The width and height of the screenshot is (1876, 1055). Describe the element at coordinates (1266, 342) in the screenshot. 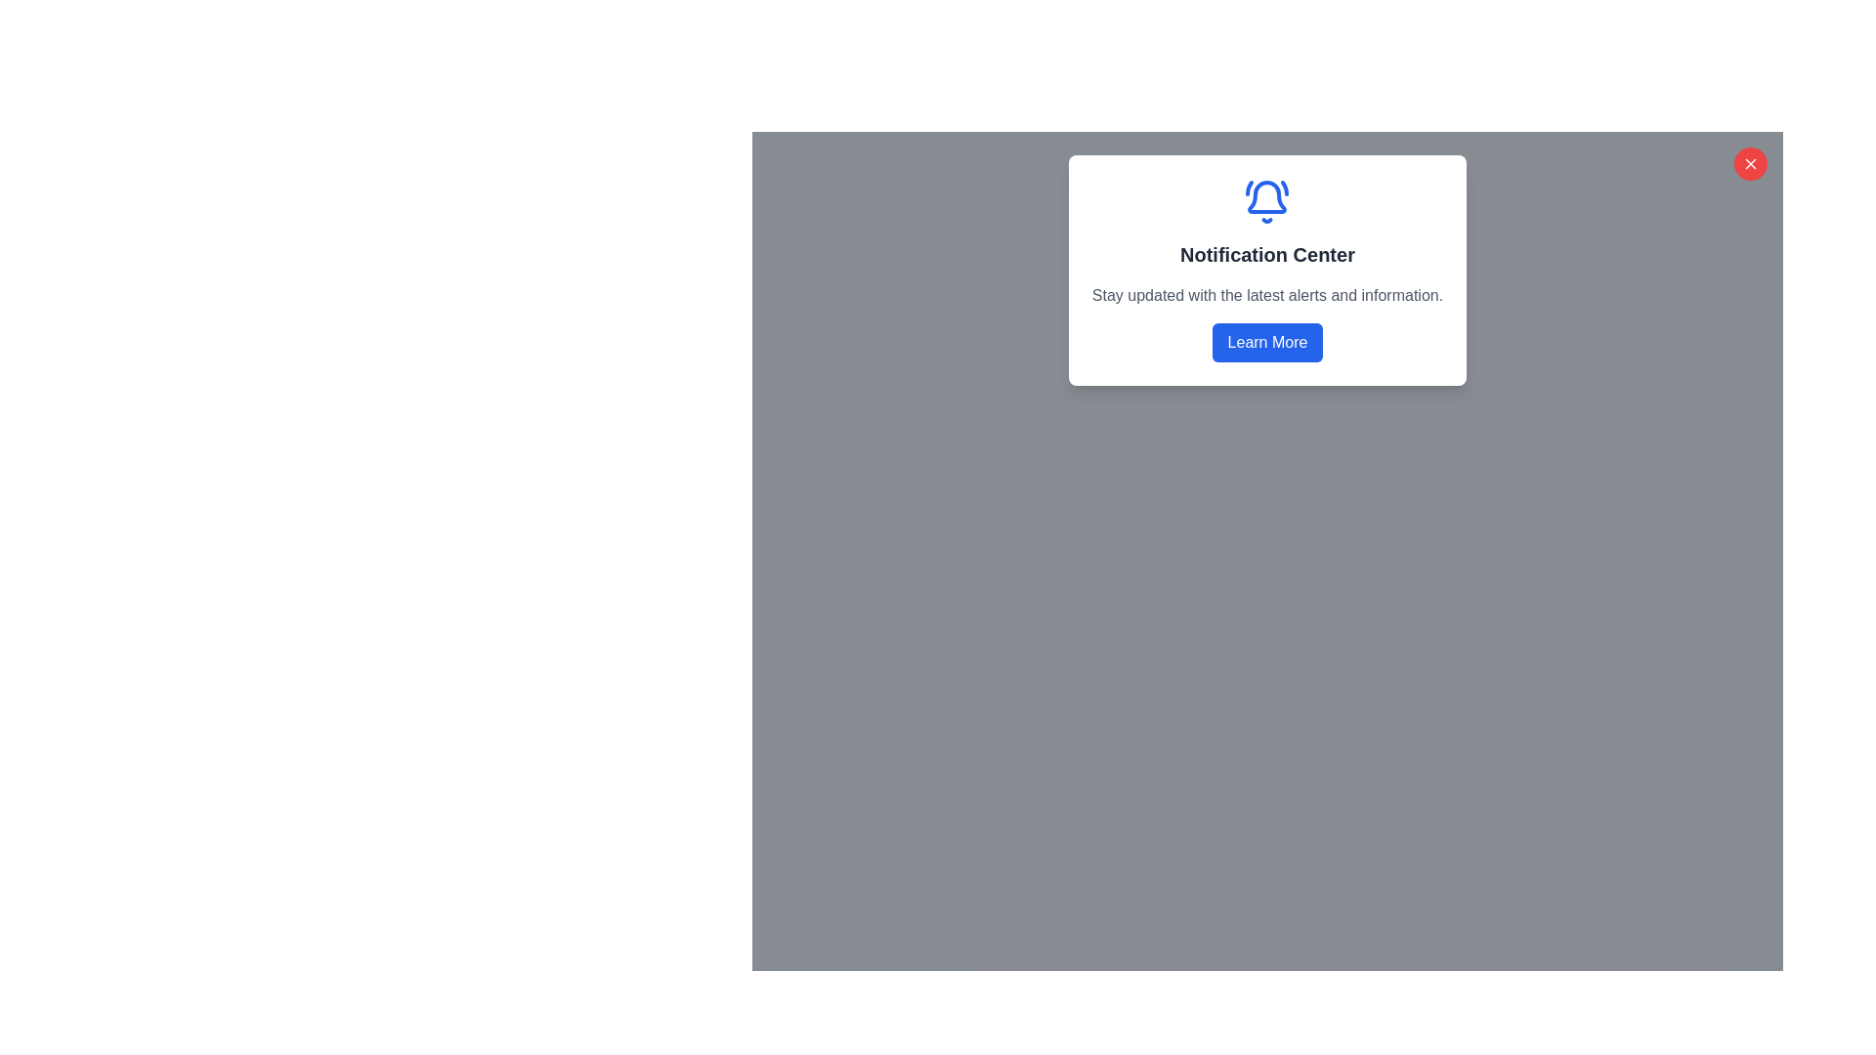

I see `the 'Learn More' button, which is a rectangular button with rounded edges, styled in blue with white text, located in the 'Notification Center' panel at the bottom and centrally aligned` at that location.